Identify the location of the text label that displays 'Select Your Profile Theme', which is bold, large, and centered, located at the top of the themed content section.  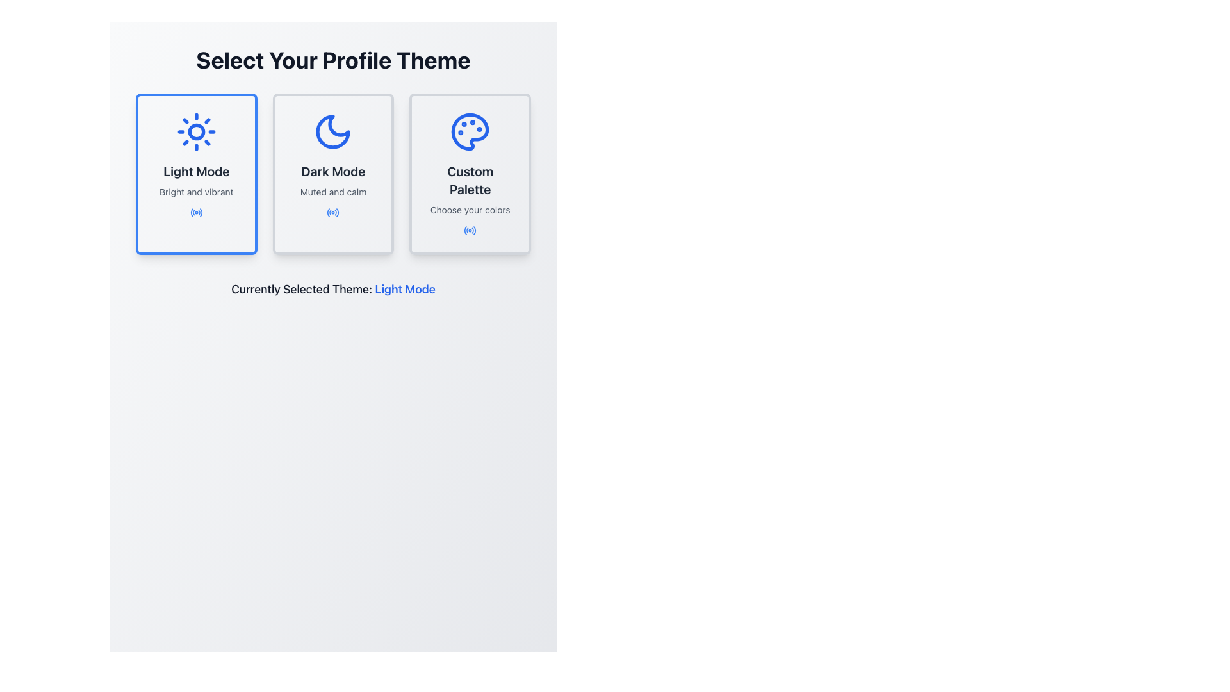
(333, 60).